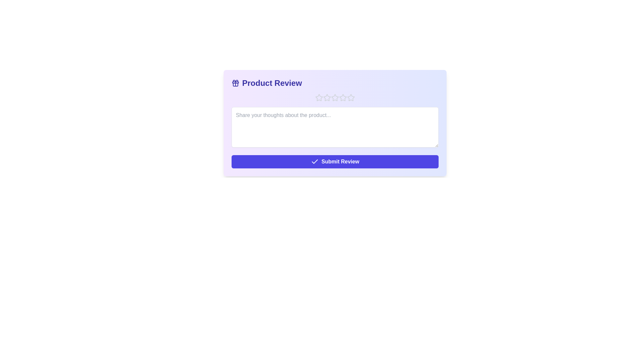  I want to click on the product rating to 1 stars by clicking the corresponding star, so click(319, 97).